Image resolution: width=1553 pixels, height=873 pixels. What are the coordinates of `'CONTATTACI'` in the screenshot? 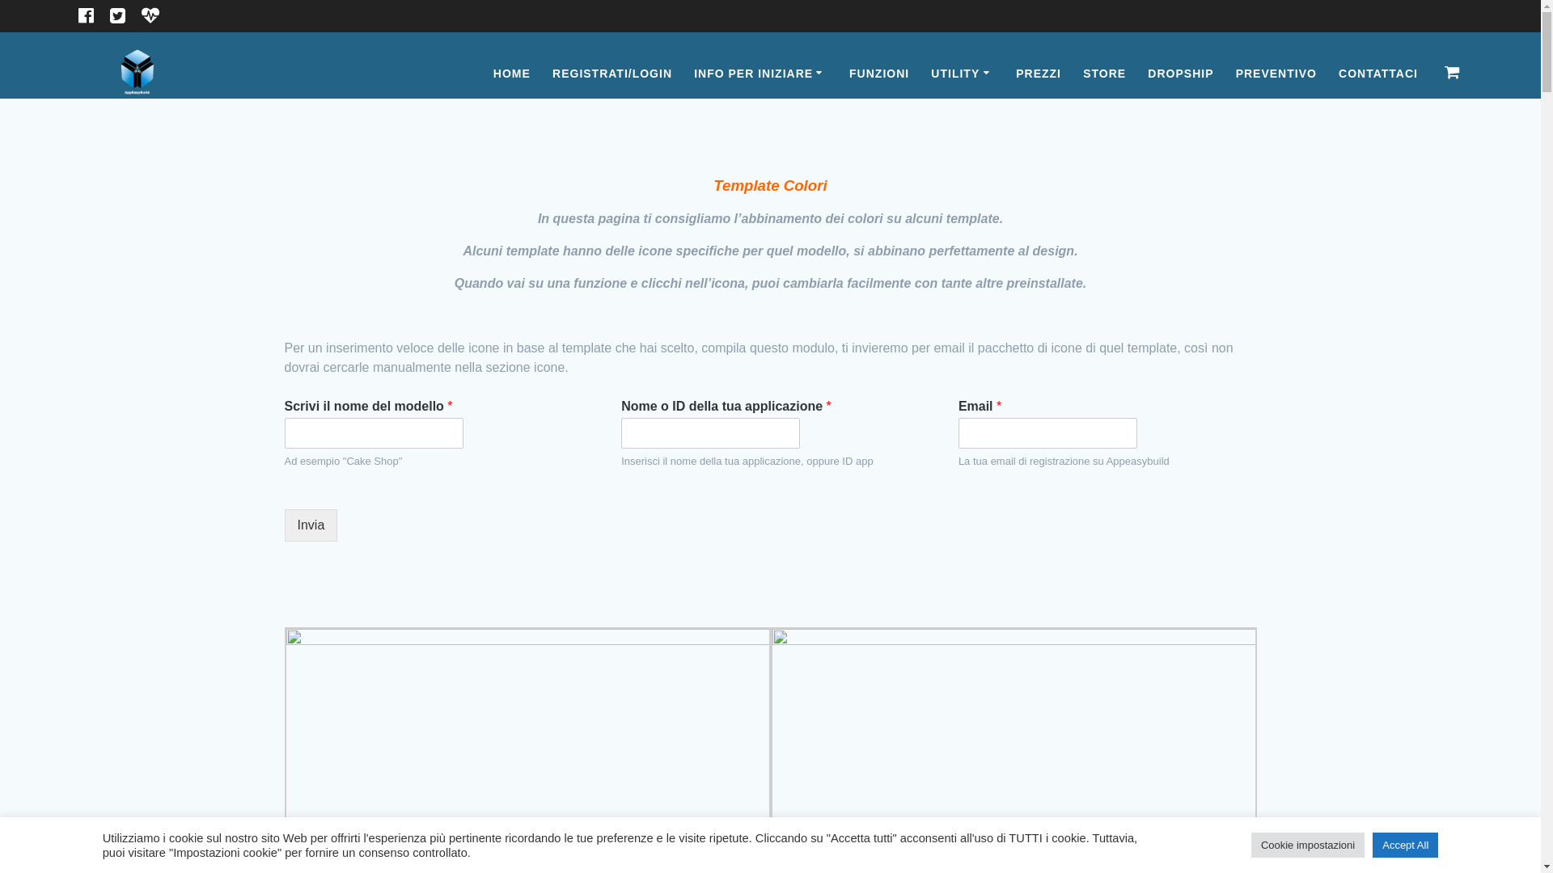 It's located at (1377, 74).